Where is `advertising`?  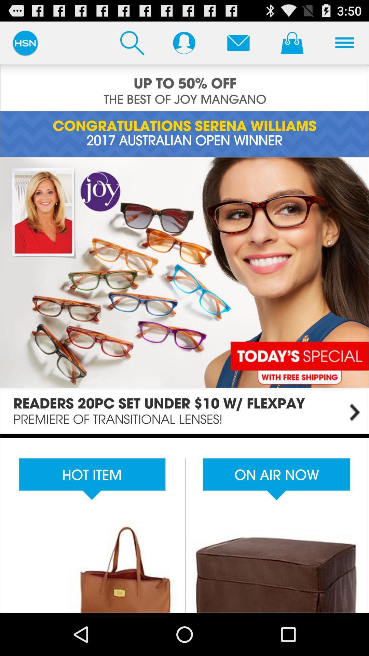 advertising is located at coordinates (184, 87).